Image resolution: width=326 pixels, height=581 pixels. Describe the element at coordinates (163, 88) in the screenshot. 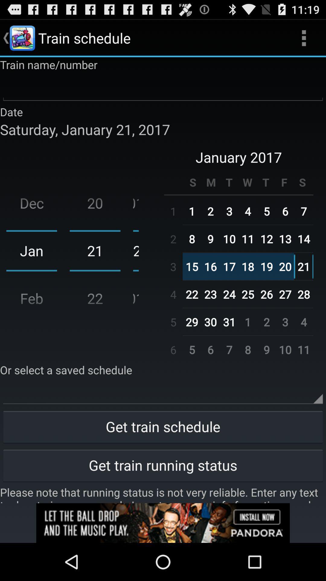

I see `train number/information` at that location.